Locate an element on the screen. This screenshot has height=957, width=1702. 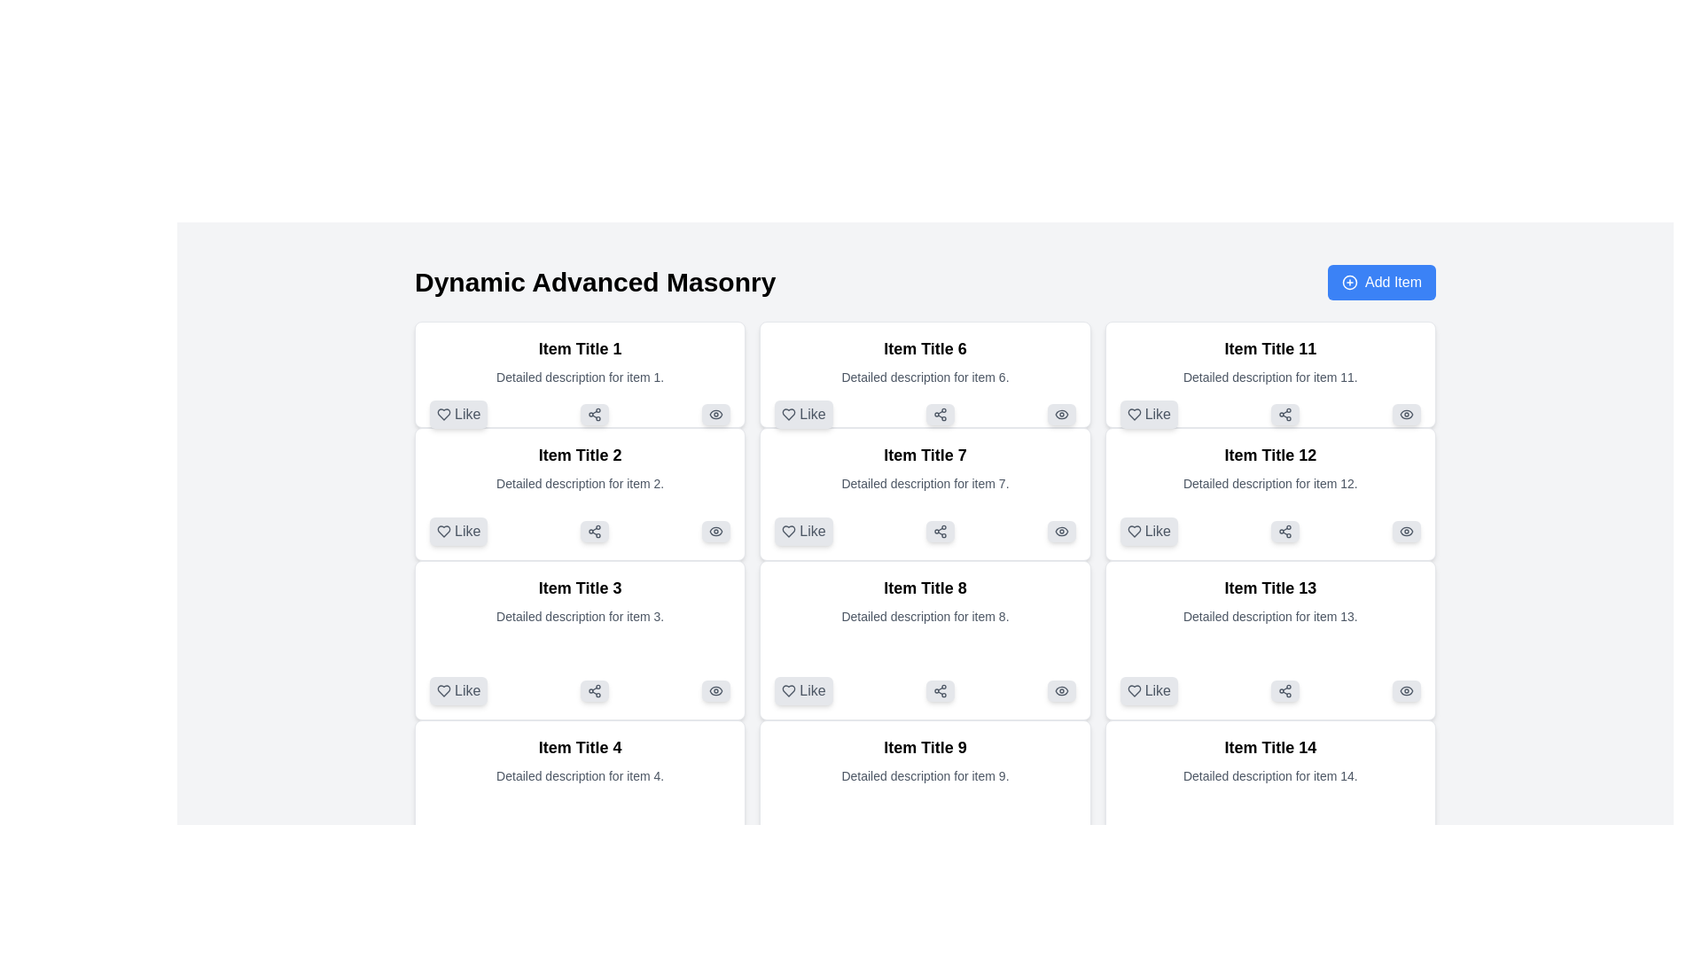
the card representing an item in the grid, located below 'Item Title 1' and above 'Item Title 3' is located at coordinates (580, 494).